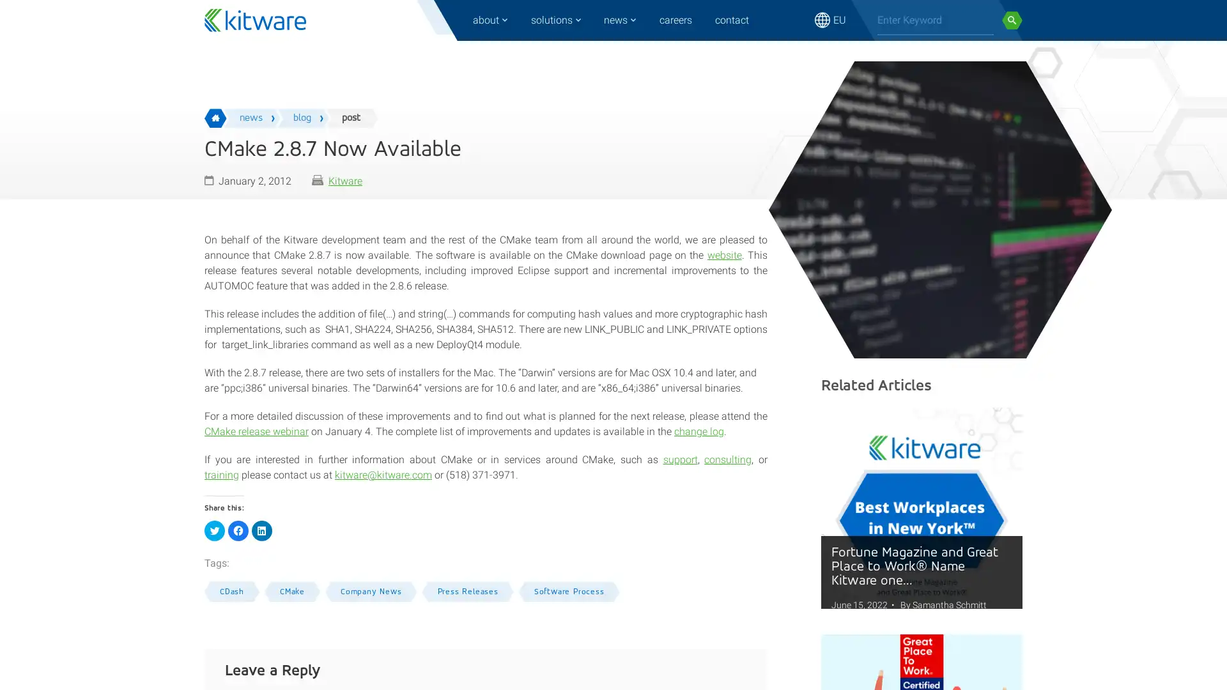 Image resolution: width=1227 pixels, height=690 pixels. I want to click on Search, so click(1012, 20).